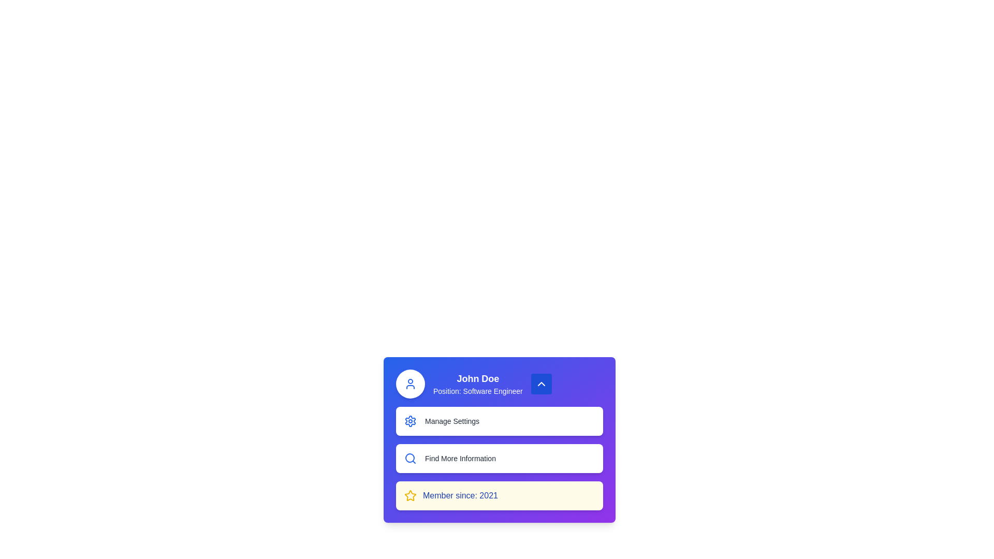 The height and width of the screenshot is (559, 994). I want to click on the gear-shaped settings icon, which is bold blue in color and located to the left of the 'Manage Settings' text within the settings card interface, so click(410, 421).